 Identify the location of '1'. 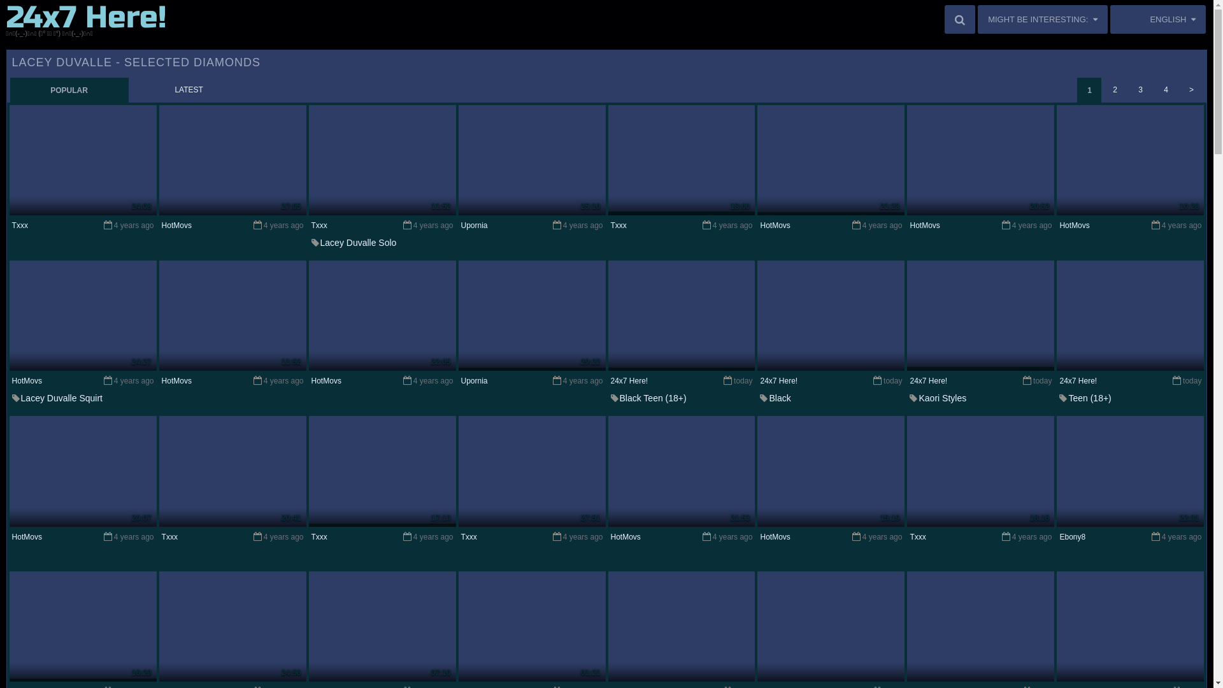
(1088, 89).